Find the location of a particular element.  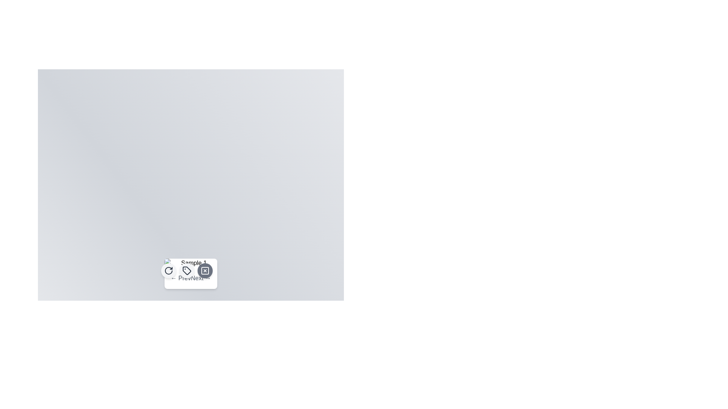

the rectangular image with rounded corners and alt text 'Sample 1', which is positioned centrally above navigation buttons is located at coordinates (191, 262).